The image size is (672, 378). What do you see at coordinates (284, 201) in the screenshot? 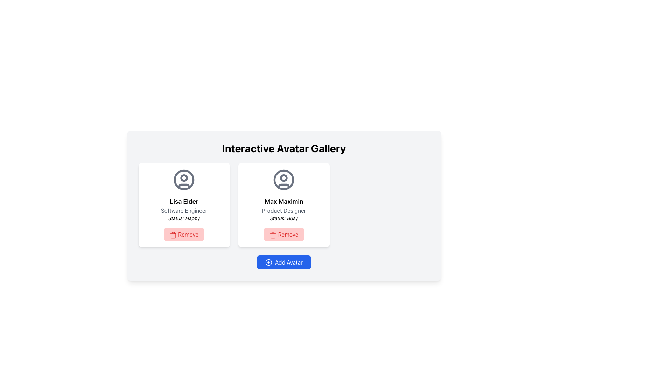
I see `the static text display that represents the name of an individual or entity, located in the right card above the 'Product Designer' subtitle and 'Status: Busy' status text` at bounding box center [284, 201].